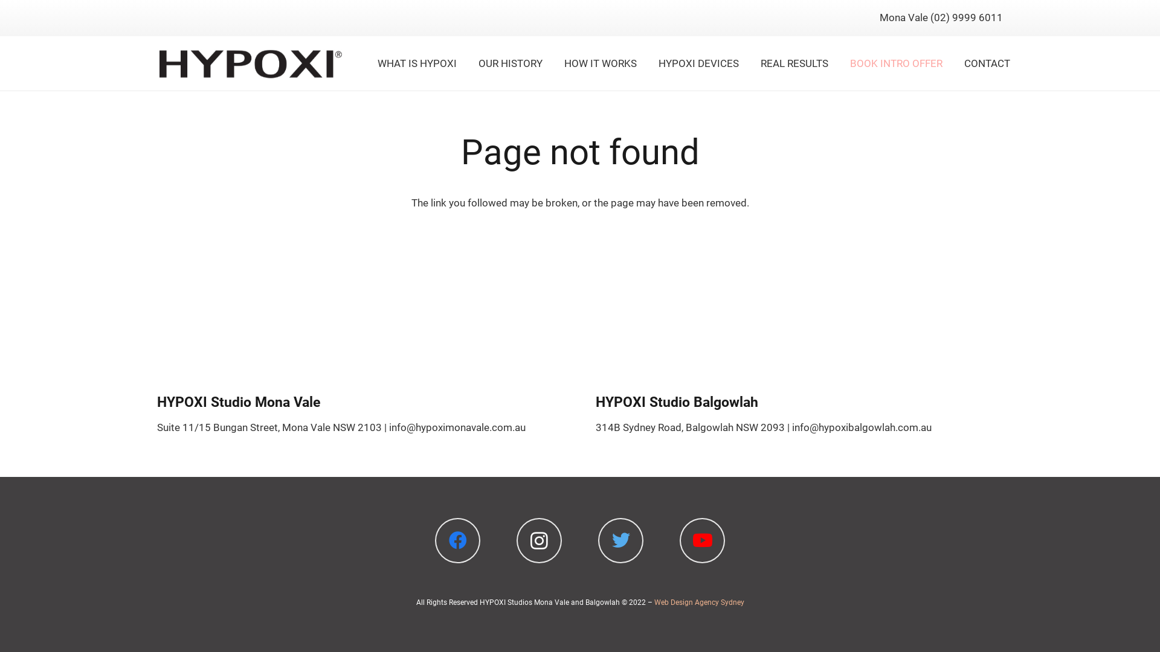 Image resolution: width=1160 pixels, height=652 pixels. I want to click on 'HOW IT WORKS', so click(600, 63).